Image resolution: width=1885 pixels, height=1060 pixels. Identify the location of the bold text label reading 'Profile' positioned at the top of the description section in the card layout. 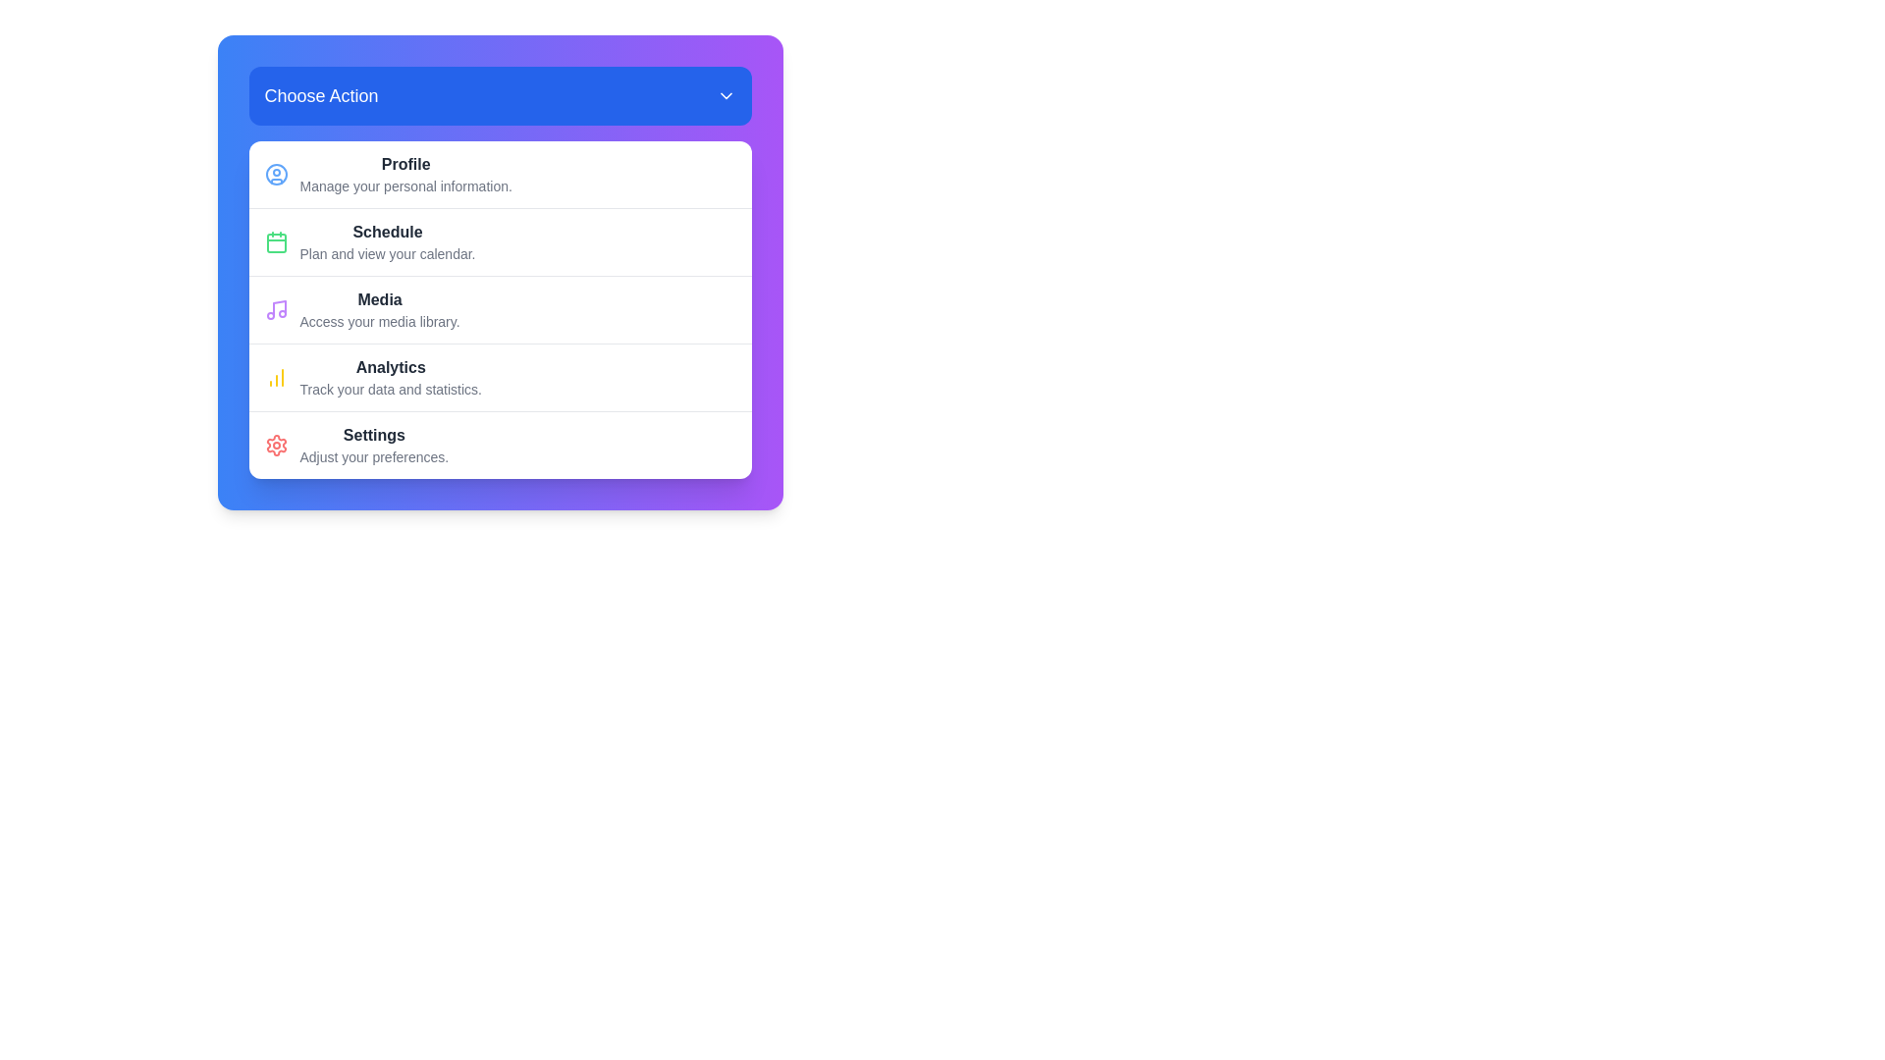
(404, 164).